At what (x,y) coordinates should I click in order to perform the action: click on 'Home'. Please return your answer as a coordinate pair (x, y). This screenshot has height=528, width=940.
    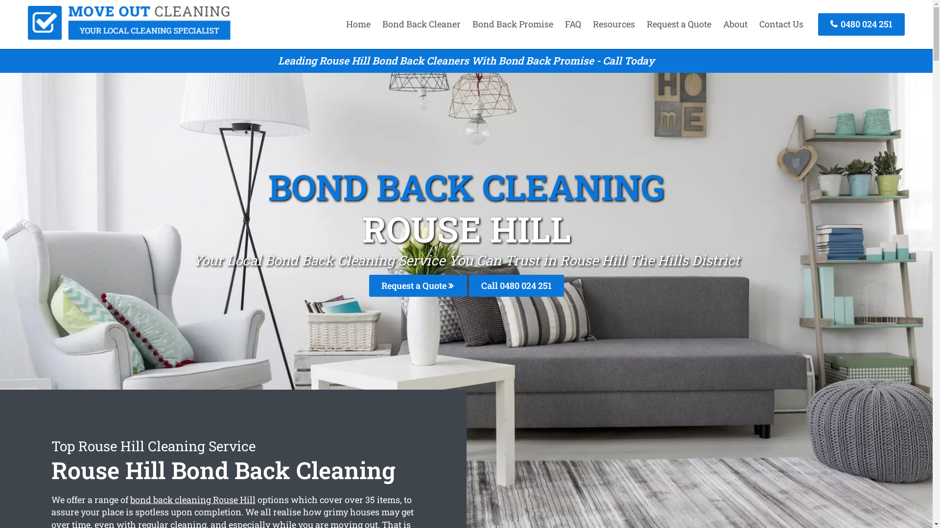
    Looking at the image, I should click on (341, 23).